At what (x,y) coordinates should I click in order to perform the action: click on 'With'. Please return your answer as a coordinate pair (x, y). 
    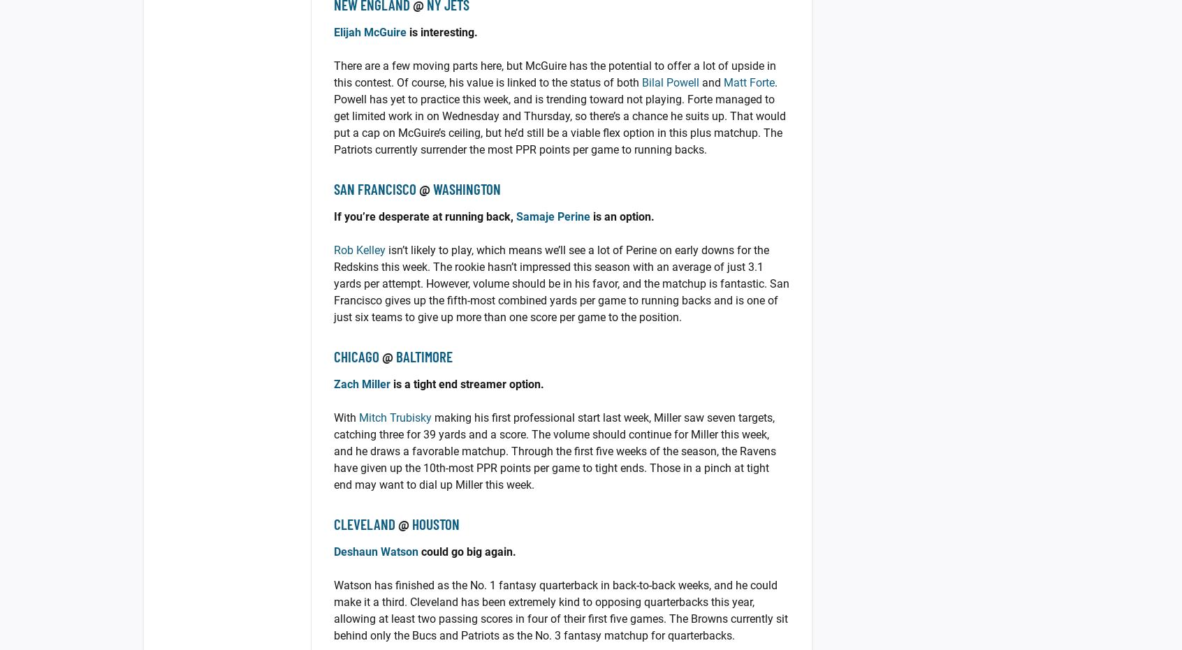
    Looking at the image, I should click on (346, 417).